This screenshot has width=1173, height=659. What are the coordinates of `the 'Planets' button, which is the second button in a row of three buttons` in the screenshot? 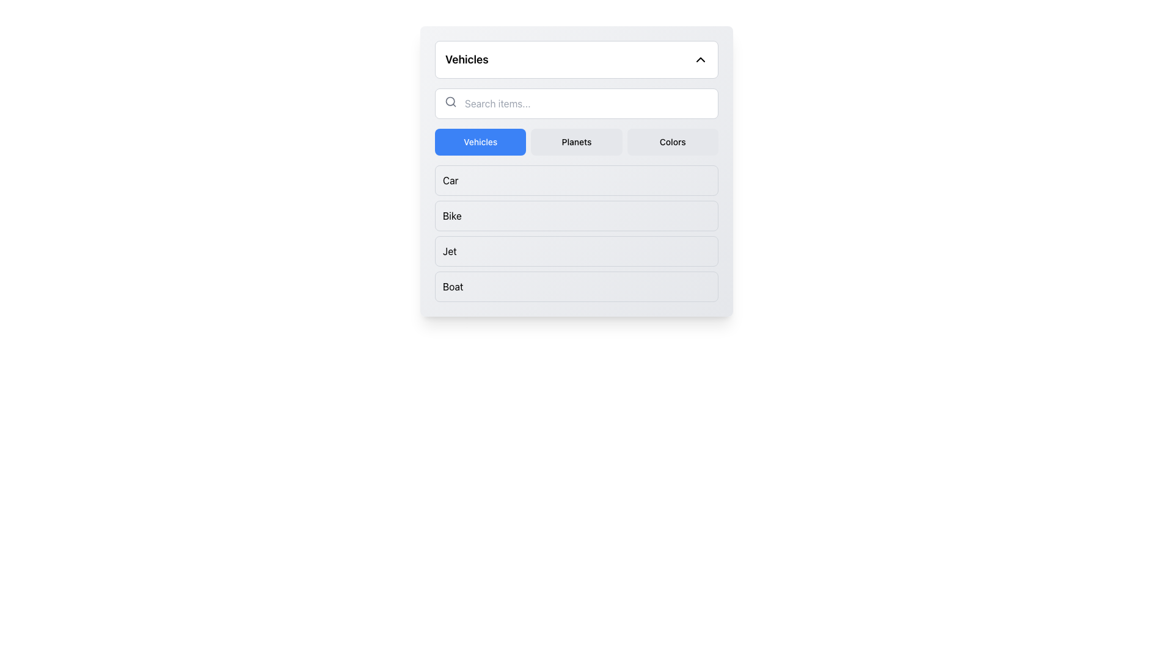 It's located at (576, 141).